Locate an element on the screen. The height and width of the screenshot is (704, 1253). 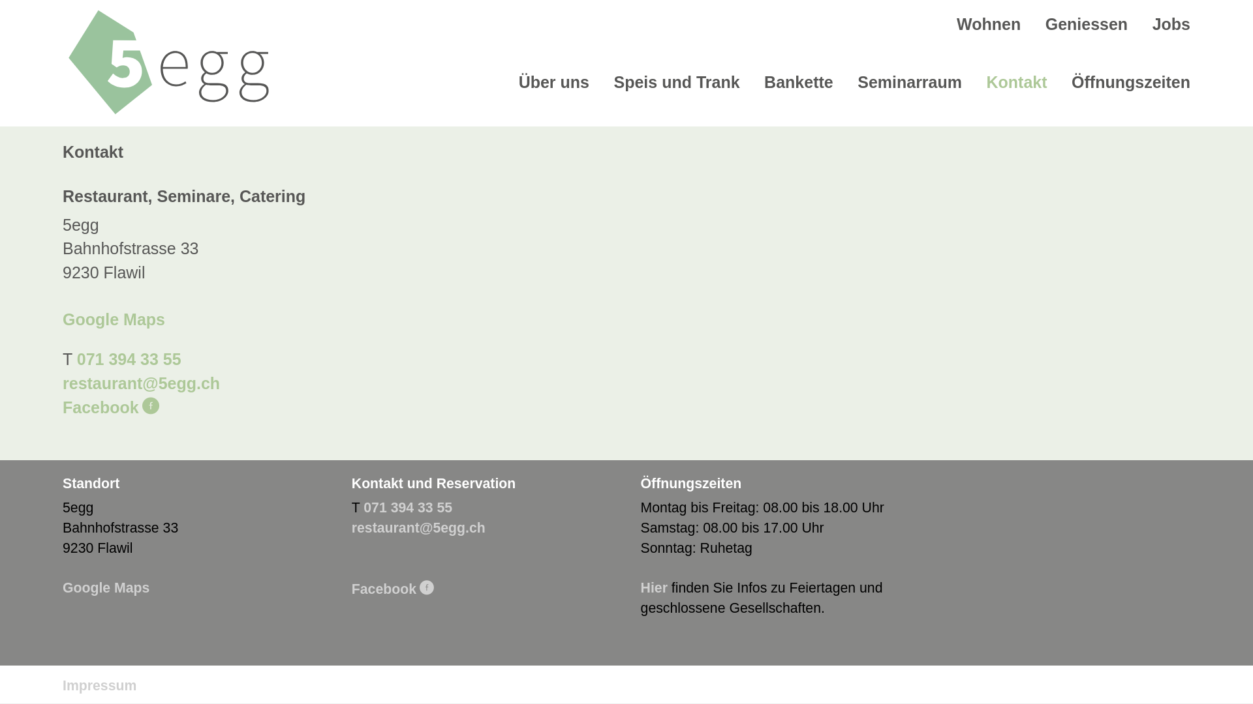
'Bankette' is located at coordinates (798, 82).